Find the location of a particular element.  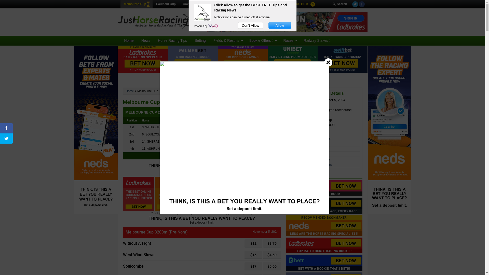

'advertisement' is located at coordinates (287, 21).